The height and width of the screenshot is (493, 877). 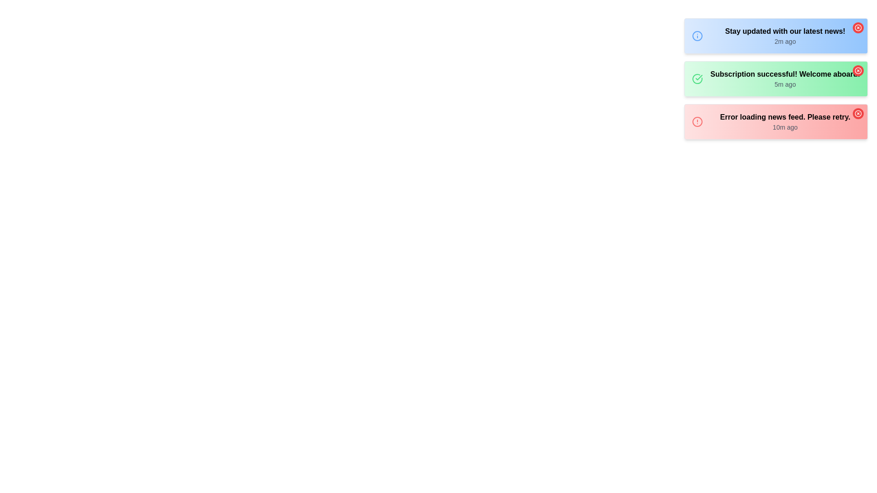 What do you see at coordinates (857, 27) in the screenshot?
I see `the circular red button with a white 'X' icon located at the top-right corner of the blue notification box titled 'Stay updated with our latest news!'` at bounding box center [857, 27].